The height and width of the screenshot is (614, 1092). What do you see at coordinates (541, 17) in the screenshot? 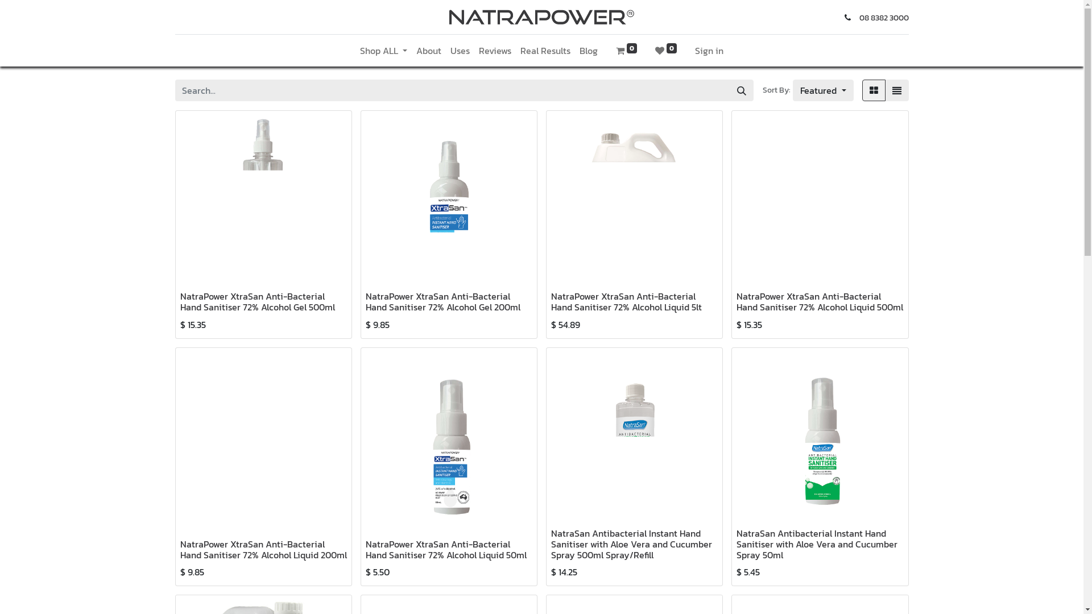
I see `'Natrapower'` at bounding box center [541, 17].